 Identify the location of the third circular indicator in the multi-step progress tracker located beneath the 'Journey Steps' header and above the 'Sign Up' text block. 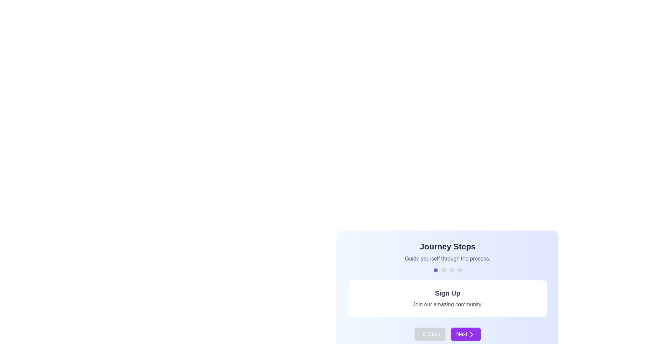
(452, 270).